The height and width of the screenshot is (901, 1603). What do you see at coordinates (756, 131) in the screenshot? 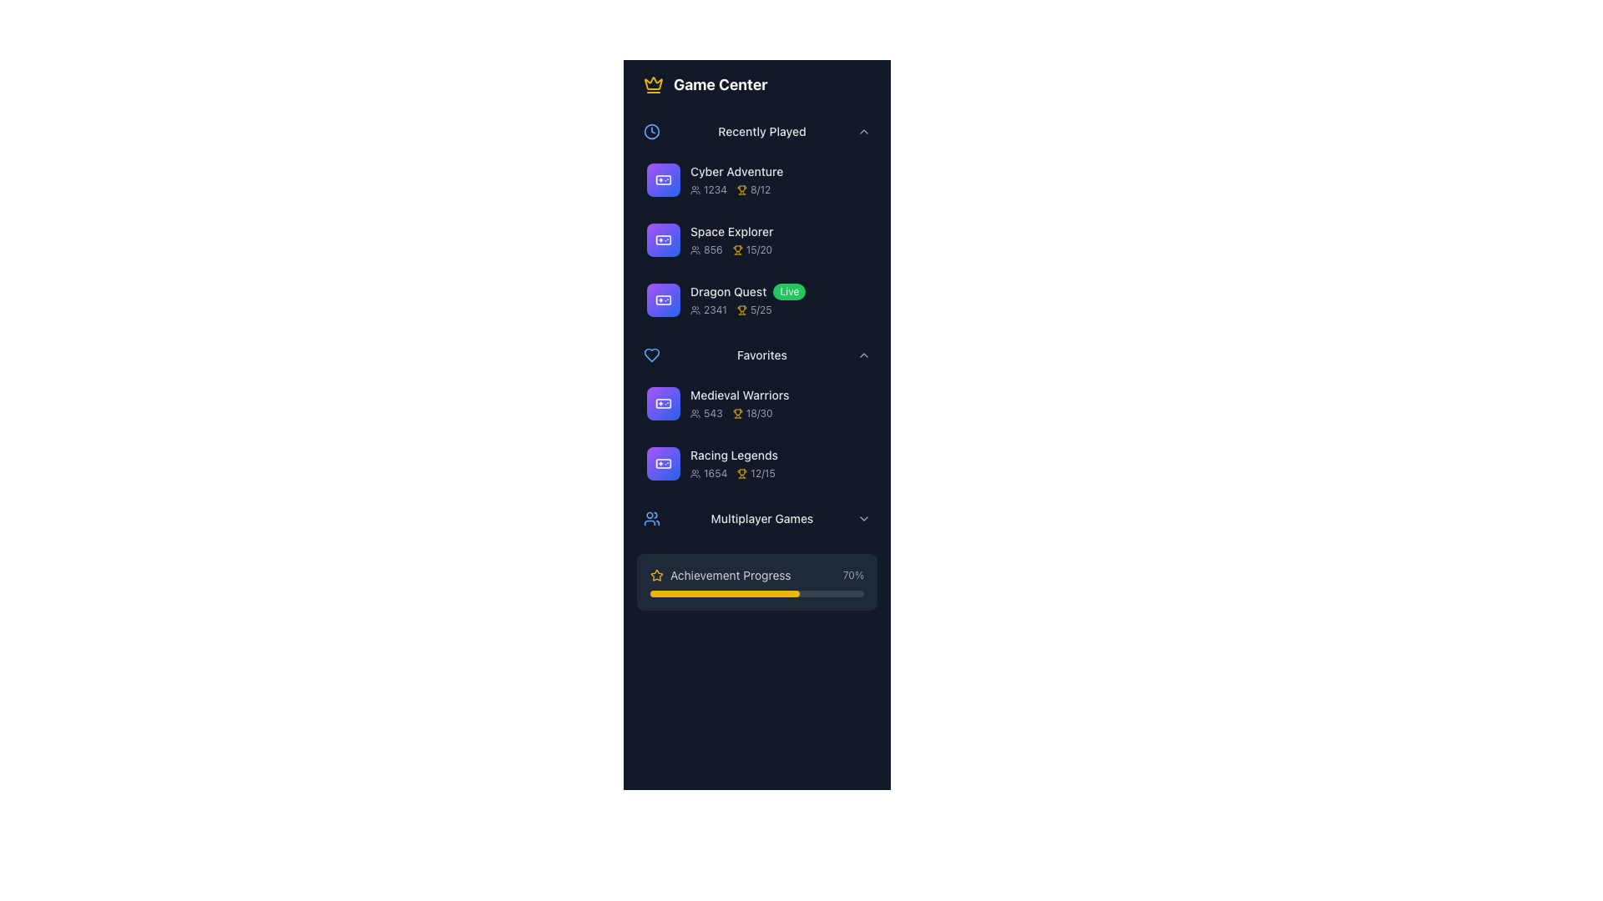
I see `the 'Recently Played' Collapsible Section Header, which features a blue clock icon on the left and a downwards chevron icon on the right, to trigger the highlight effect` at bounding box center [756, 131].